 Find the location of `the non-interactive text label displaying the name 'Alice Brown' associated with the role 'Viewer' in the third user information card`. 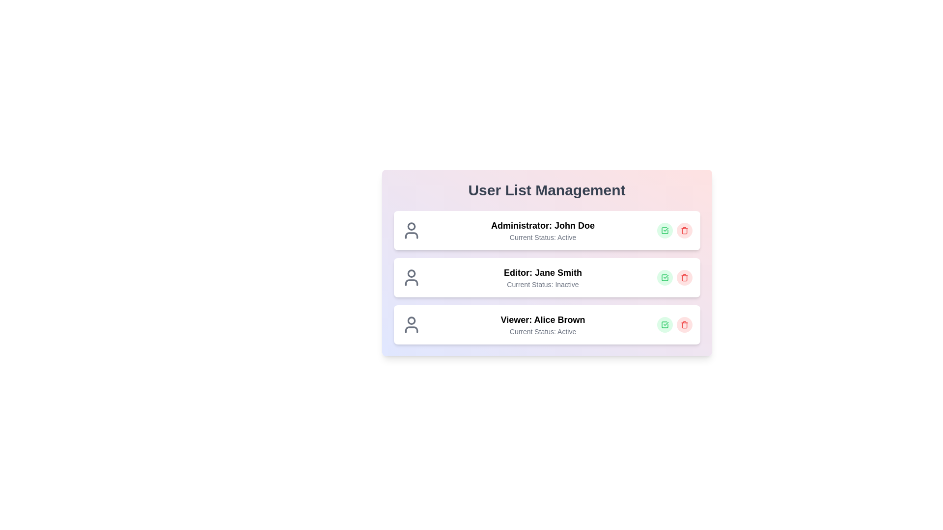

the non-interactive text label displaying the name 'Alice Brown' associated with the role 'Viewer' in the third user information card is located at coordinates (559, 319).